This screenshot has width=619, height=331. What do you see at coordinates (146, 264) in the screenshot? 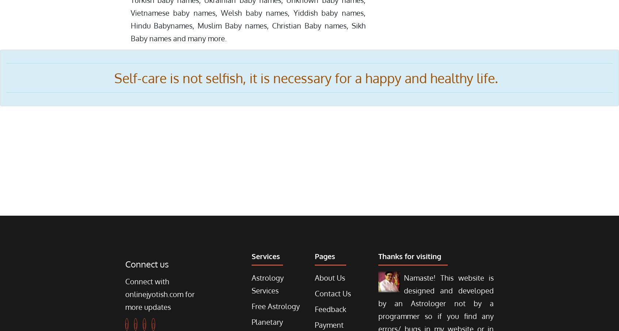
I see `'Connect us'` at bounding box center [146, 264].